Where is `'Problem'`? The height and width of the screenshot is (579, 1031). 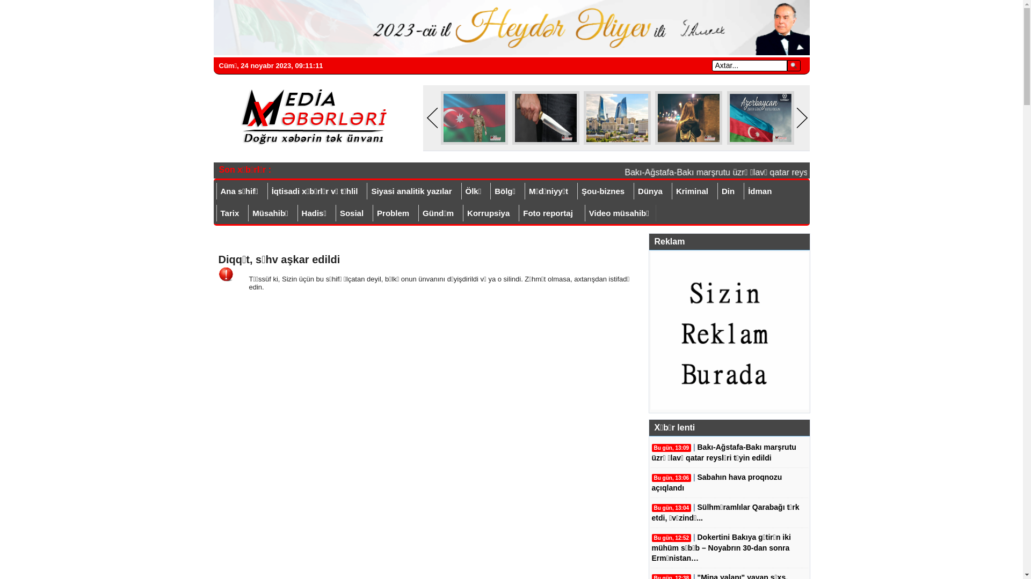
'Problem' is located at coordinates (392, 213).